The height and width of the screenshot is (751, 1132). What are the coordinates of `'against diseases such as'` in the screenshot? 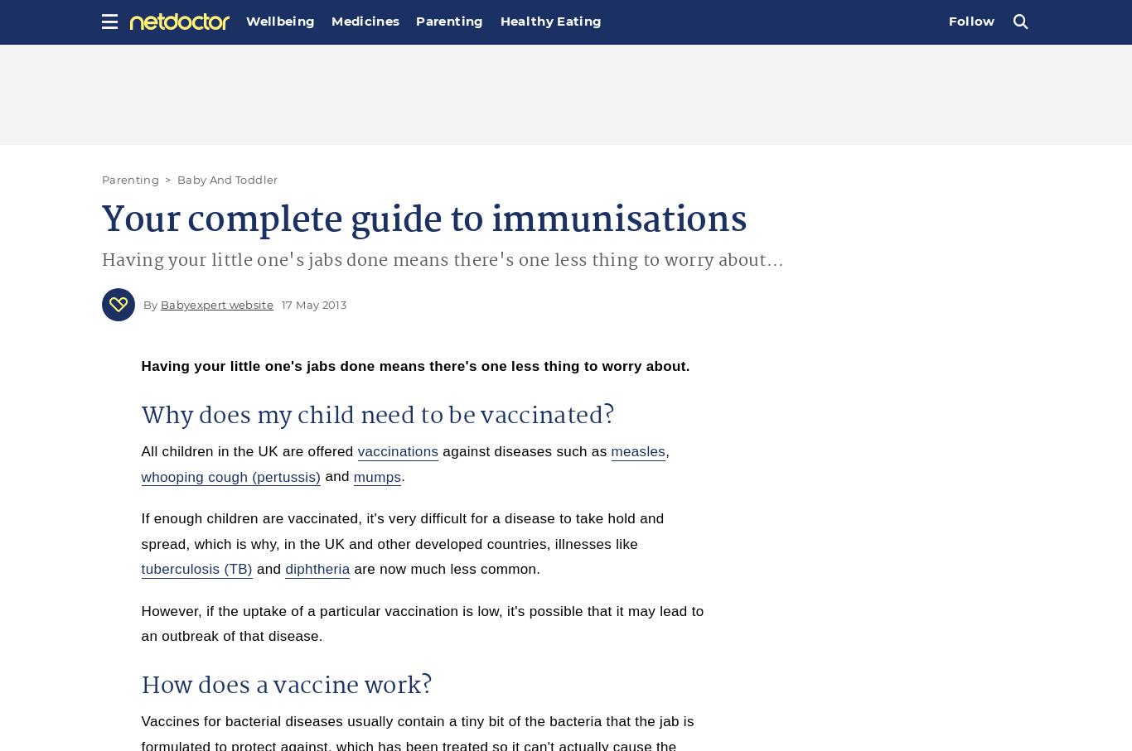 It's located at (438, 450).